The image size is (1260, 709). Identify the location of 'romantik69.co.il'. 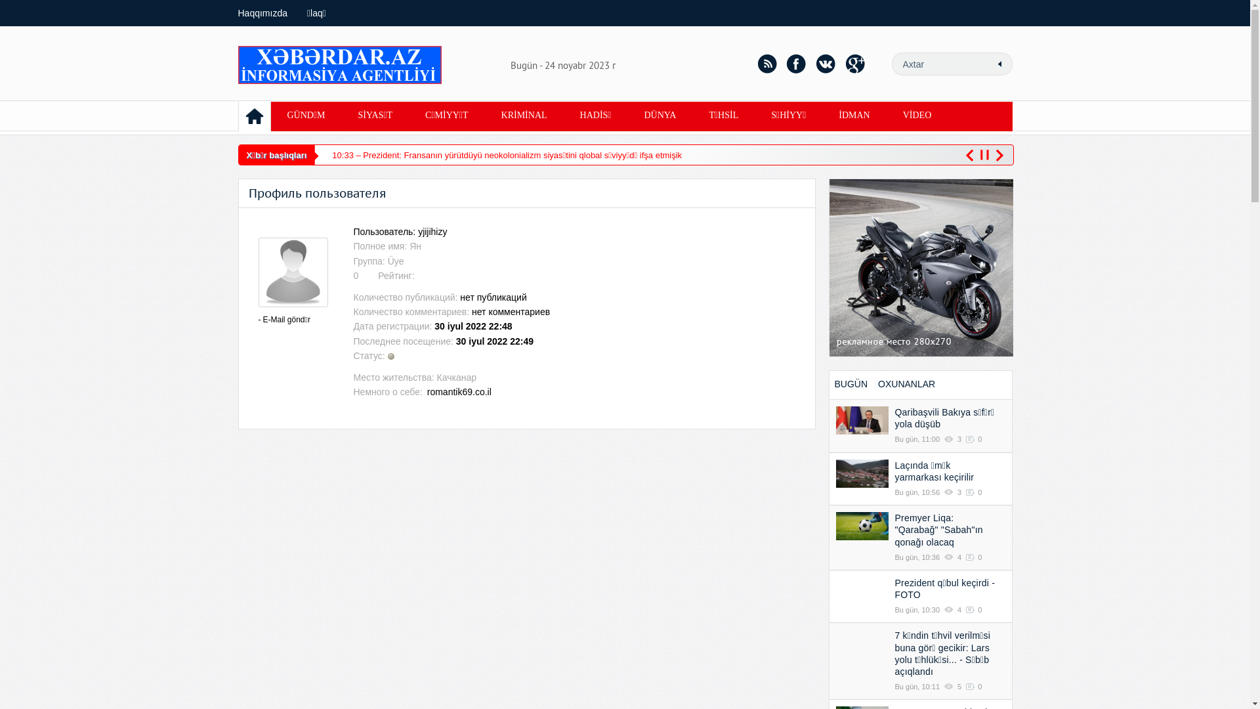
(458, 391).